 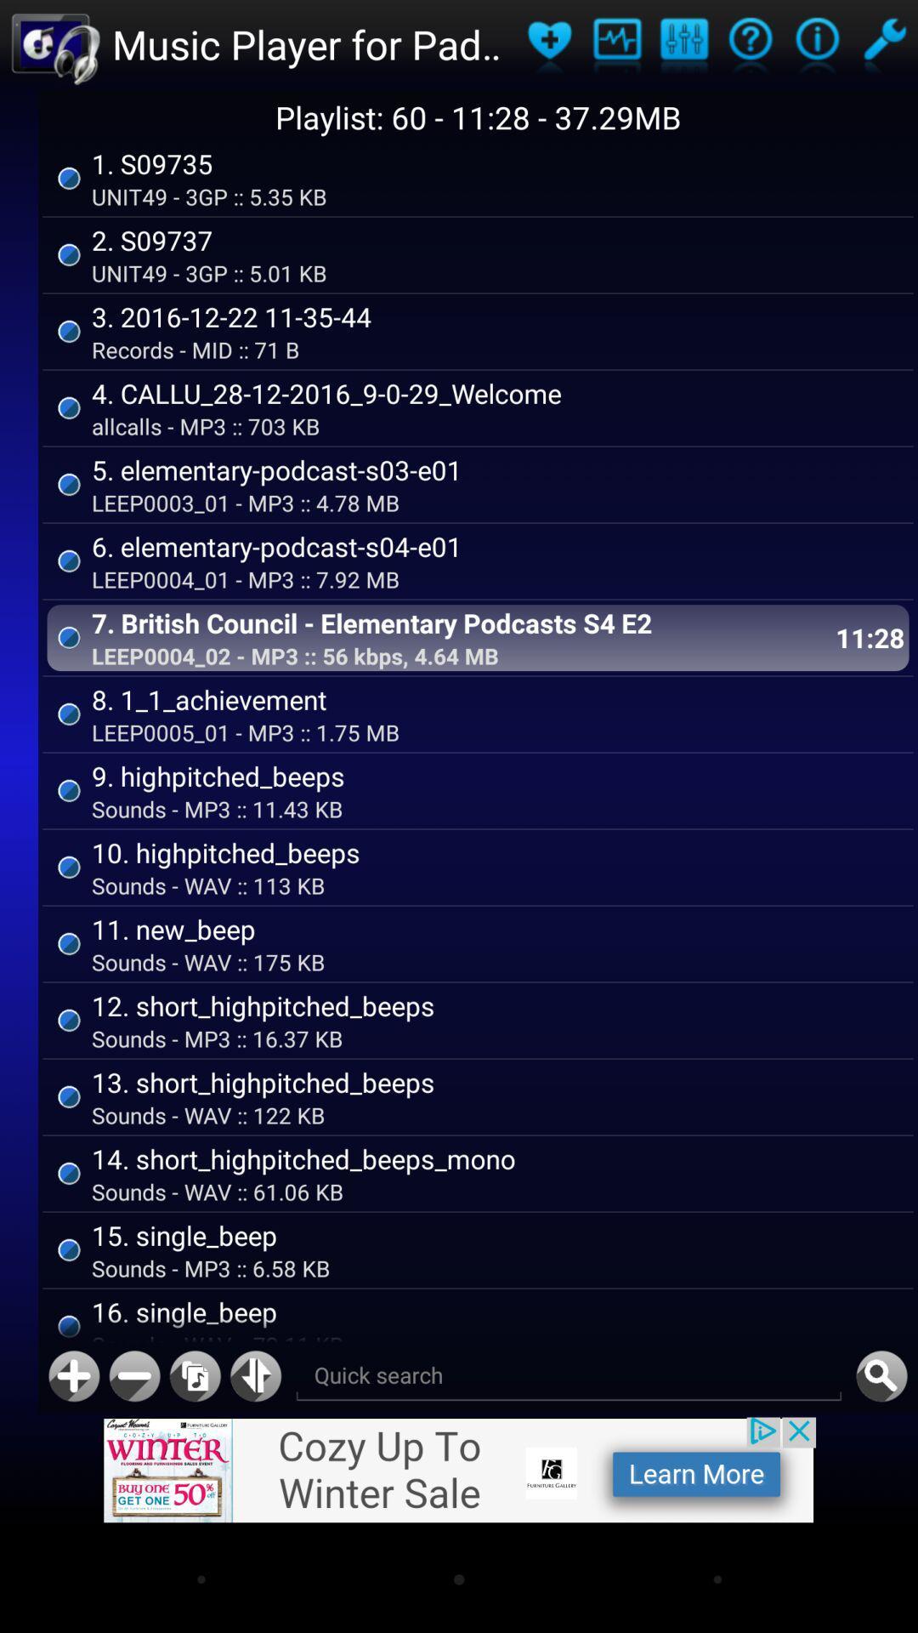 I want to click on a new track to playlist, so click(x=73, y=1376).